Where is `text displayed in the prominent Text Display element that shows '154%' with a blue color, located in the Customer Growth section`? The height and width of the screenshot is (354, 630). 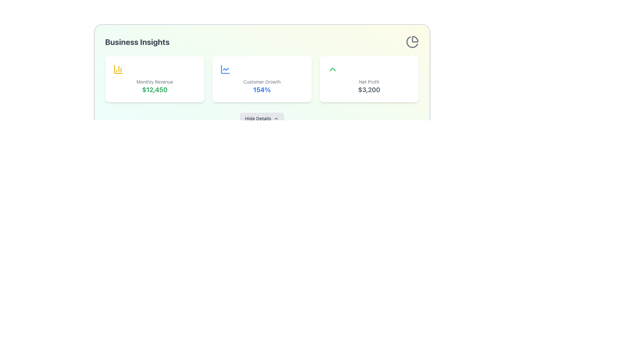 text displayed in the prominent Text Display element that shows '154%' with a blue color, located in the Customer Growth section is located at coordinates (262, 89).